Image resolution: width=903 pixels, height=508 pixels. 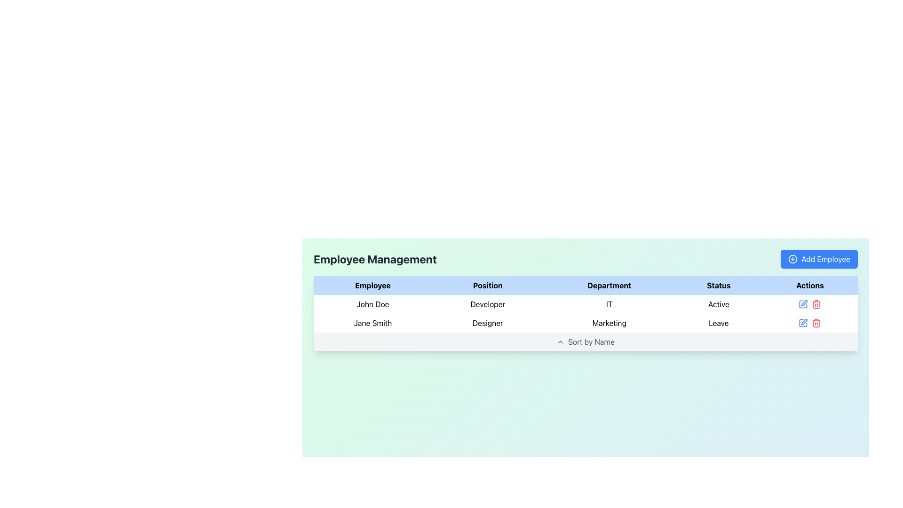 I want to click on the trash icon button, which is a red outlined SVG icon resembling a trash can located in the 'Actions' column next to 'John Doe - Developer', so click(x=816, y=322).